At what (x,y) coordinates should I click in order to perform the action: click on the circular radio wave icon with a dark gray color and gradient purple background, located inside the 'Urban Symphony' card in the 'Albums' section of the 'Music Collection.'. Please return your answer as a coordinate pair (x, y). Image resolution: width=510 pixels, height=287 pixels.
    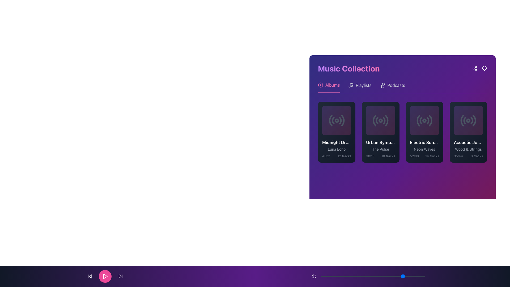
    Looking at the image, I should click on (380, 120).